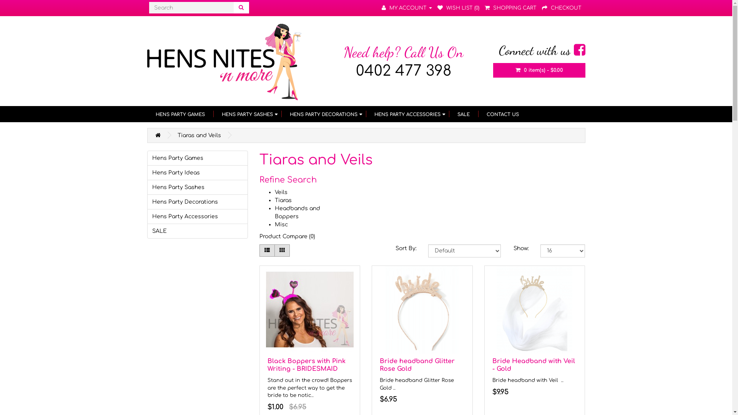 The width and height of the screenshot is (738, 415). What do you see at coordinates (484, 8) in the screenshot?
I see `'SHOPPING CART'` at bounding box center [484, 8].